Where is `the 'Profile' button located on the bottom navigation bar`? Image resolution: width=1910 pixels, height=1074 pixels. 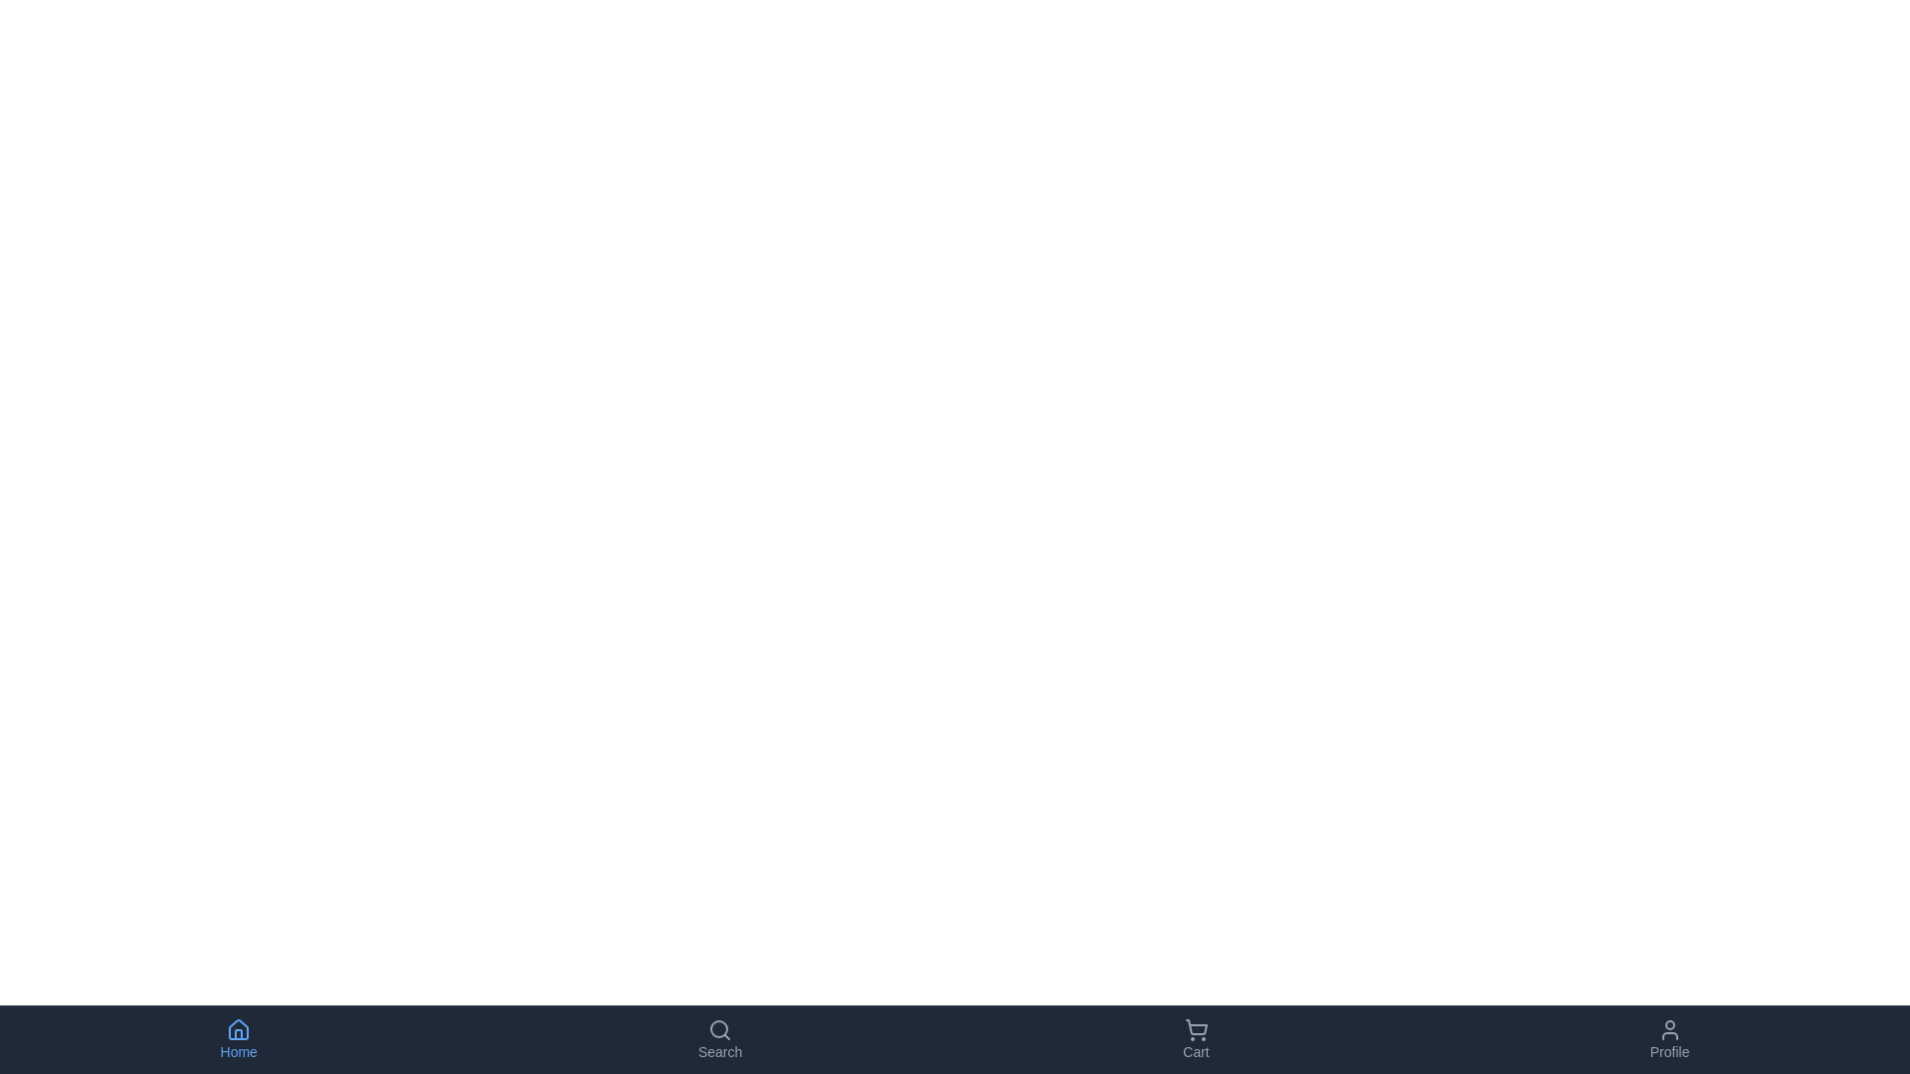 the 'Profile' button located on the bottom navigation bar is located at coordinates (1669, 1038).